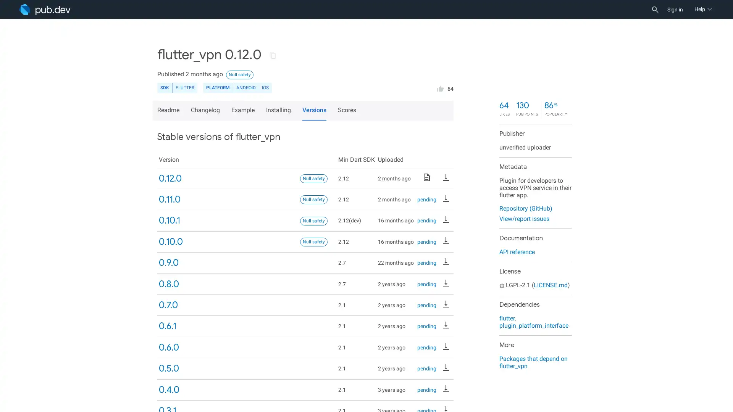  Describe the element at coordinates (279, 110) in the screenshot. I see `Installing` at that location.